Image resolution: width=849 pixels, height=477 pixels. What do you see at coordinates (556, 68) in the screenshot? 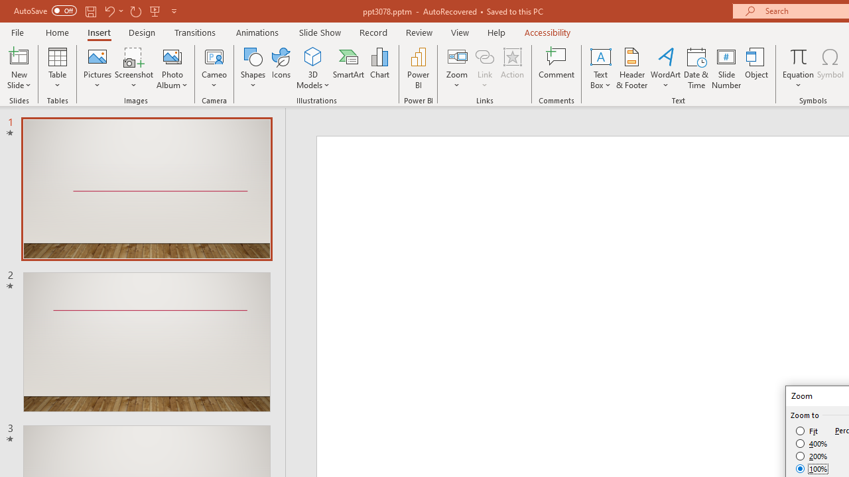
I see `'Comment'` at bounding box center [556, 68].